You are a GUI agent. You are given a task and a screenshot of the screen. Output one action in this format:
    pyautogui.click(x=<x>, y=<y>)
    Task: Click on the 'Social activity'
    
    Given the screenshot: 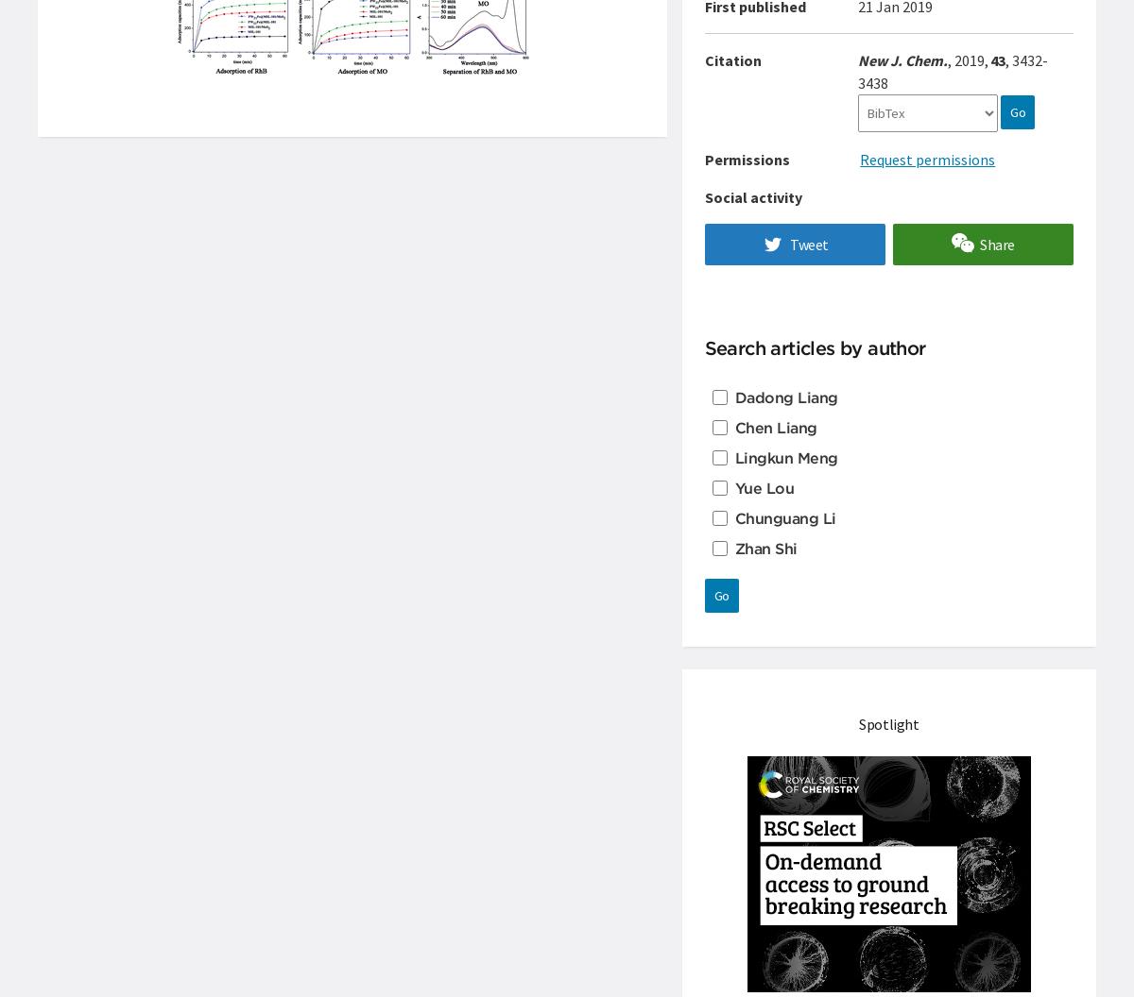 What is the action you would take?
    pyautogui.click(x=751, y=195)
    